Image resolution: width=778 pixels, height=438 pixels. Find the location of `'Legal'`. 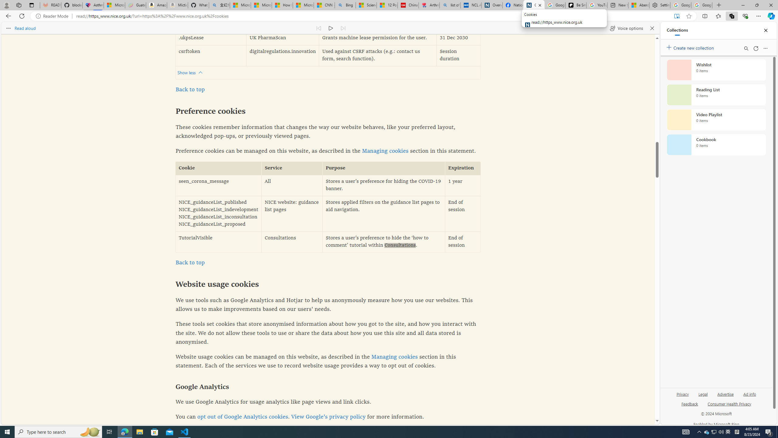

'Legal' is located at coordinates (702, 396).